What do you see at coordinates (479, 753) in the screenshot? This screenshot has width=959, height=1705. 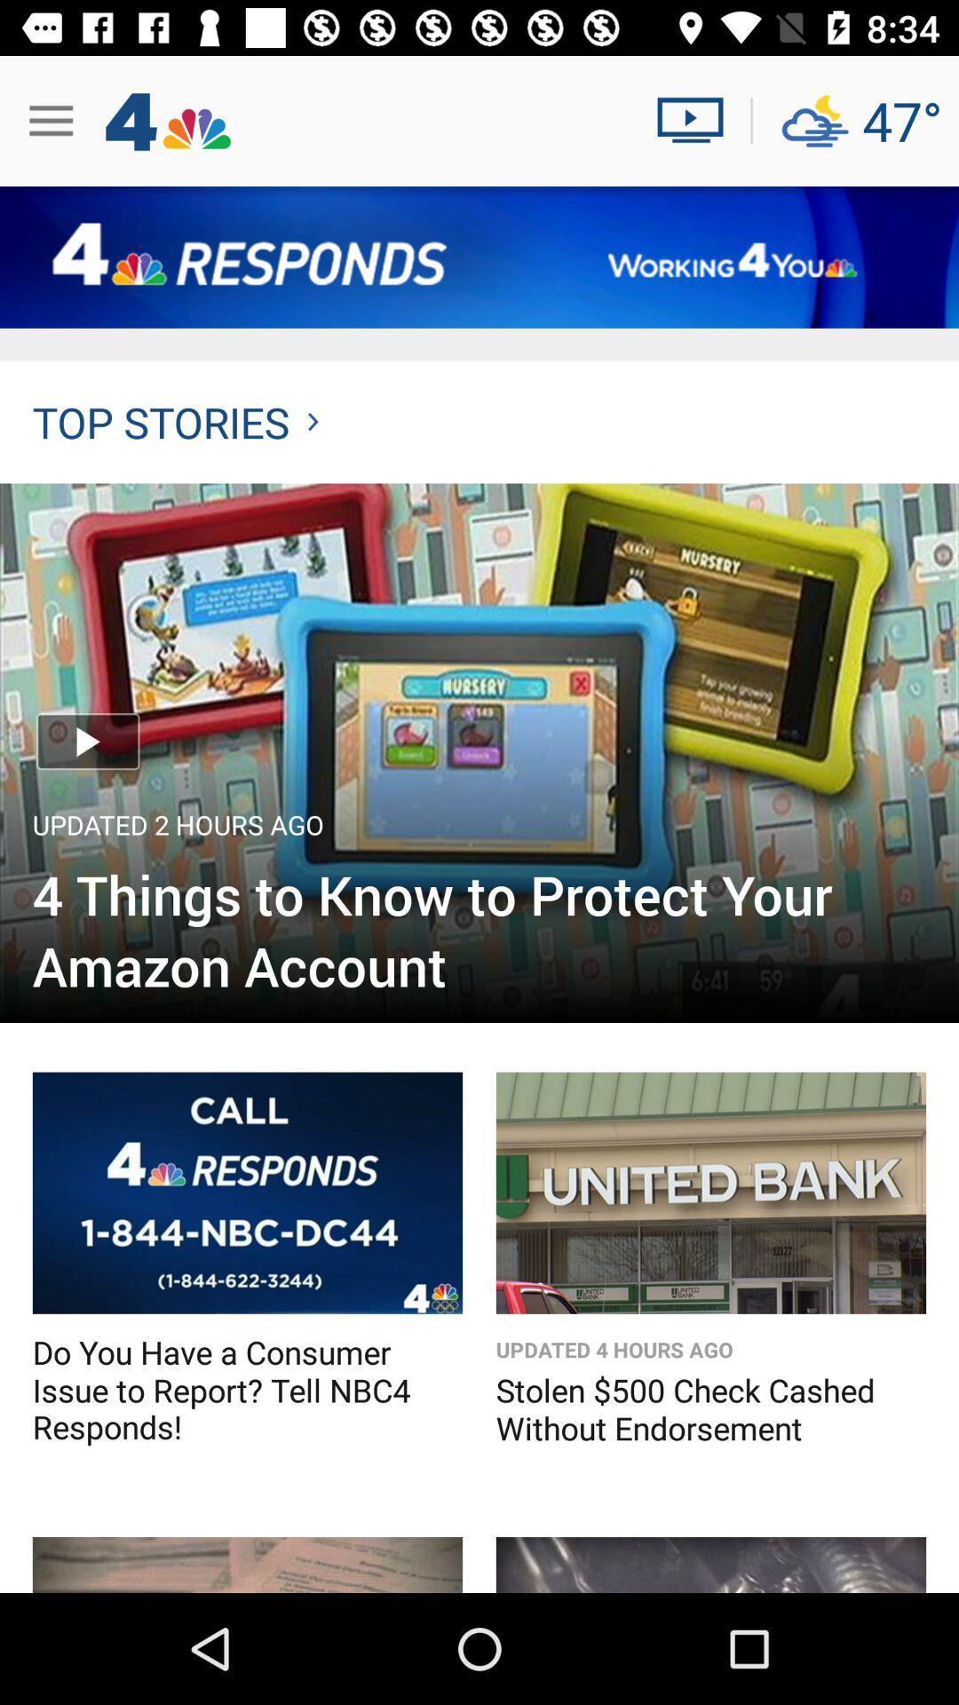 I see `article image` at bounding box center [479, 753].